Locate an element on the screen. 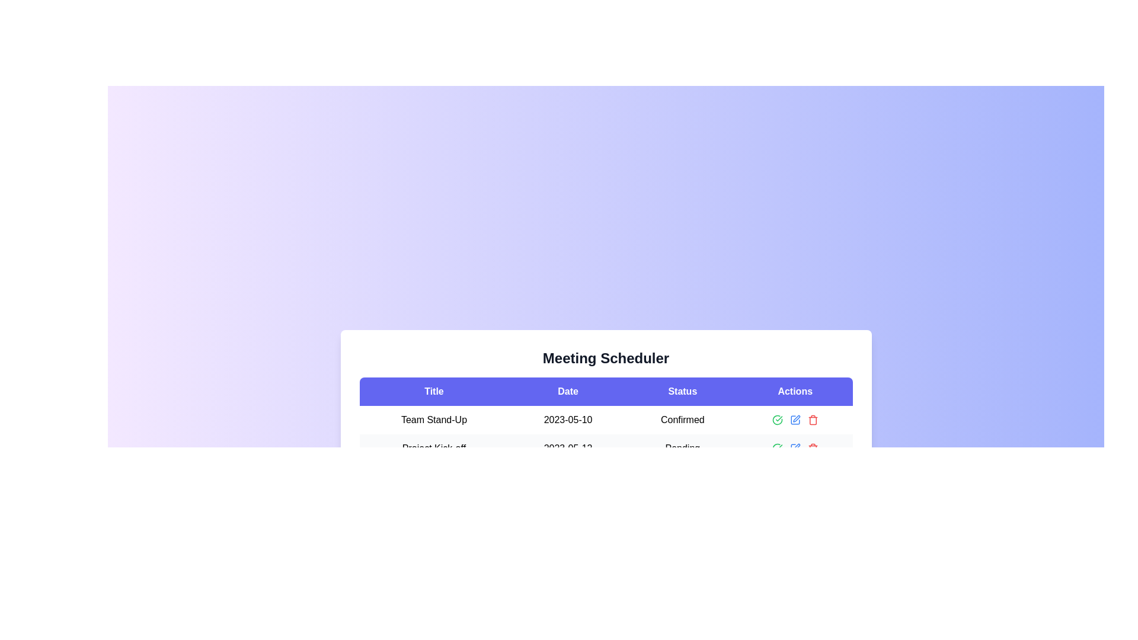 The height and width of the screenshot is (640, 1138). the blue edit button icon, which features a pen icon and is the second interactive option in the action column of the table is located at coordinates (795, 420).